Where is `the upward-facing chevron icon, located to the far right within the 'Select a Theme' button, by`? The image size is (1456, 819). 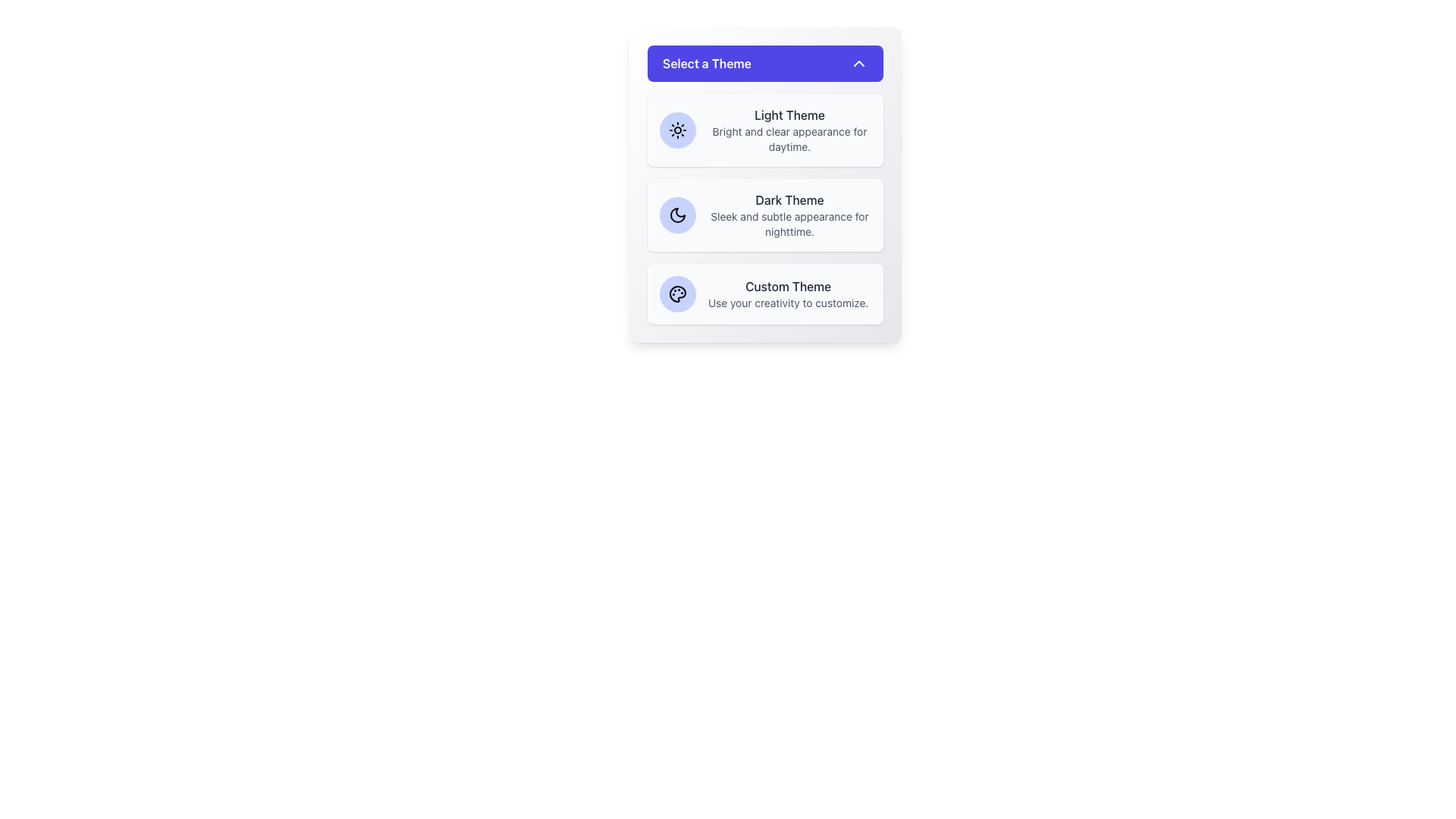
the upward-facing chevron icon, located to the far right within the 'Select a Theme' button, by is located at coordinates (858, 63).